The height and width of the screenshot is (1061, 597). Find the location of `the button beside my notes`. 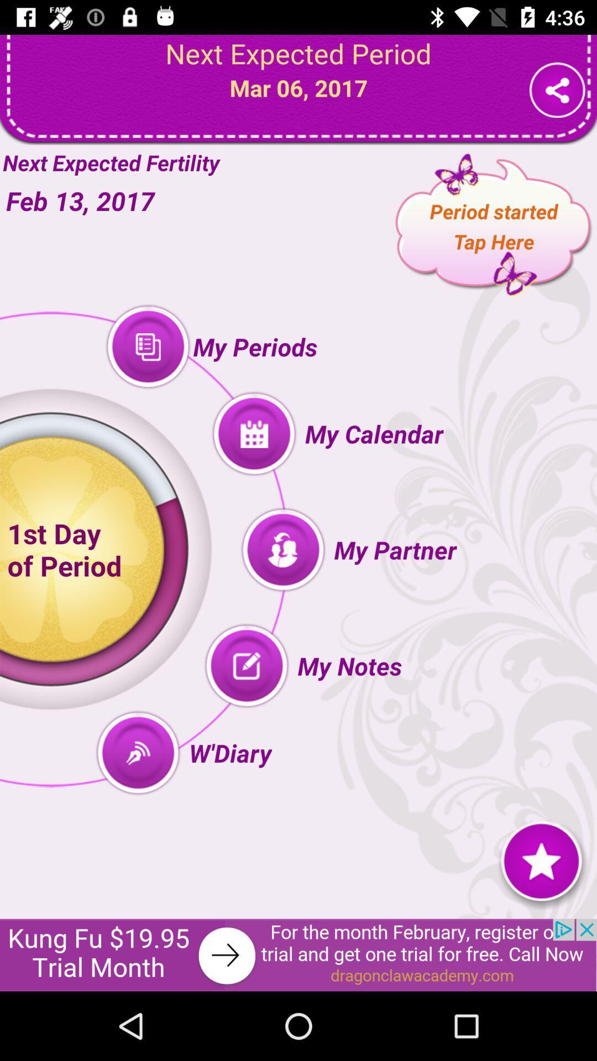

the button beside my notes is located at coordinates (246, 665).